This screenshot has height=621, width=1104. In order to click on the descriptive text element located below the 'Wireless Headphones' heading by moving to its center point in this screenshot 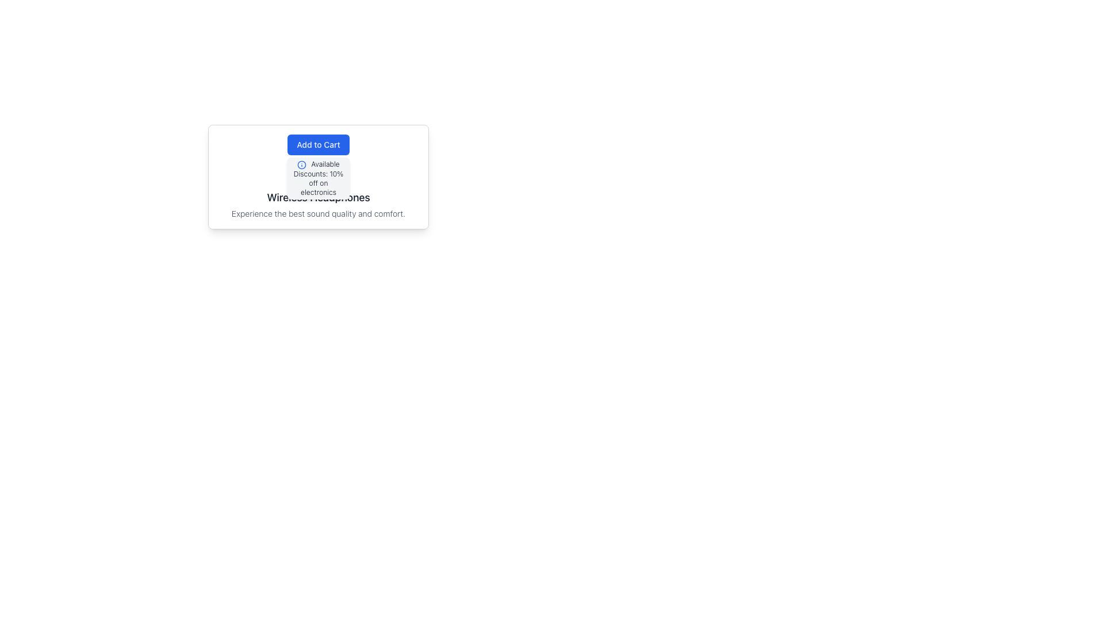, I will do `click(318, 213)`.